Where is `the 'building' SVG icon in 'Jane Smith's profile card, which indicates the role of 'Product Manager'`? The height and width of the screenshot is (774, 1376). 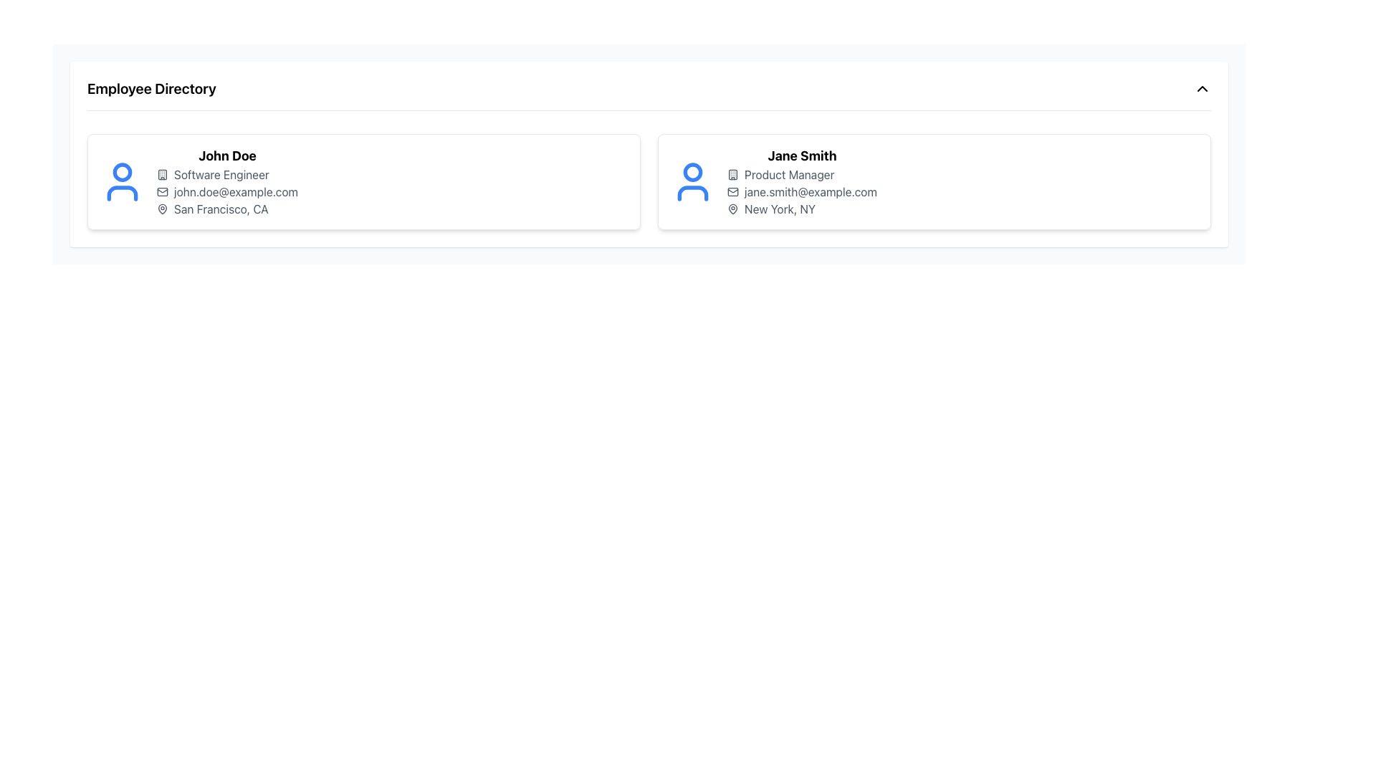
the 'building' SVG icon in 'Jane Smith's profile card, which indicates the role of 'Product Manager' is located at coordinates (732, 173).